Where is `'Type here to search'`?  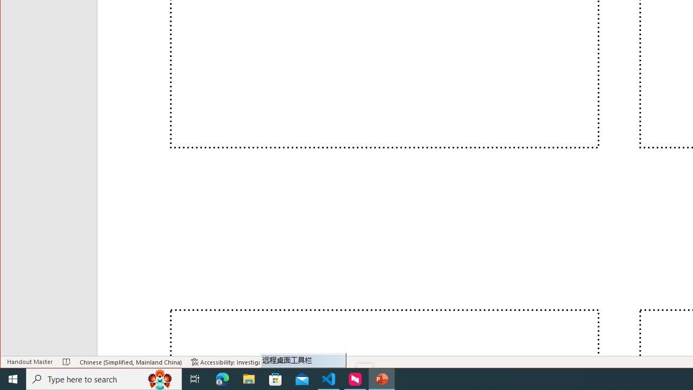
'Type here to search' is located at coordinates (104, 378).